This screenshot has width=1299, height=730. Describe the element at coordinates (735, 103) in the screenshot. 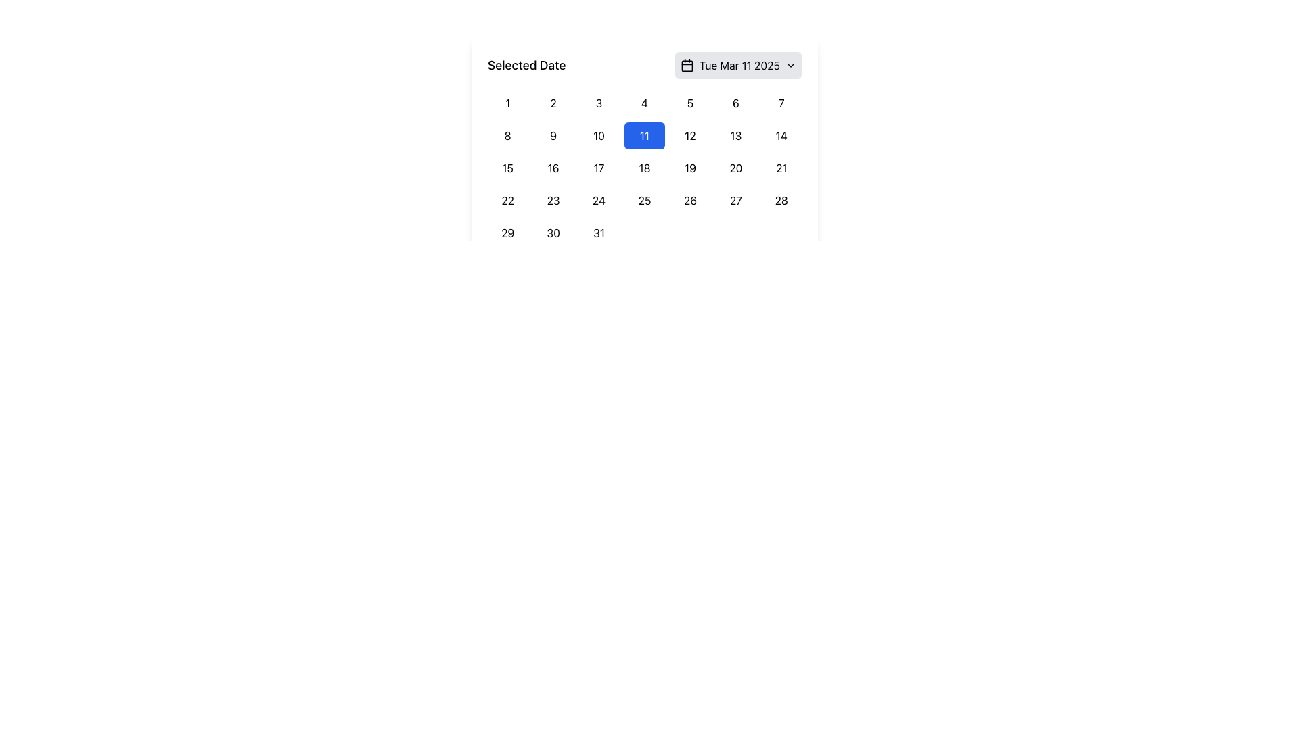

I see `the date '6' button in the calendar grid` at that location.